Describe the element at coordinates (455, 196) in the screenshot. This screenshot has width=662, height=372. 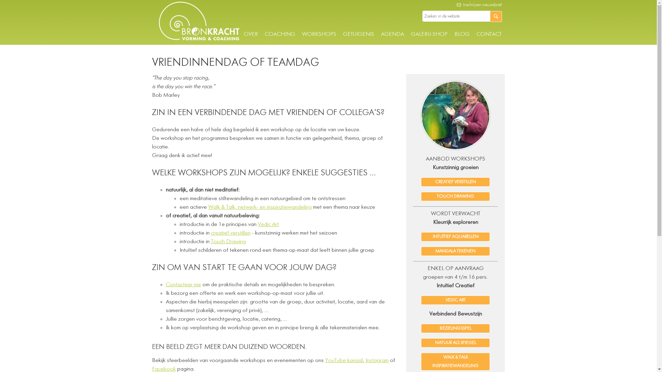
I see `'TOUCH DRAWING'` at that location.